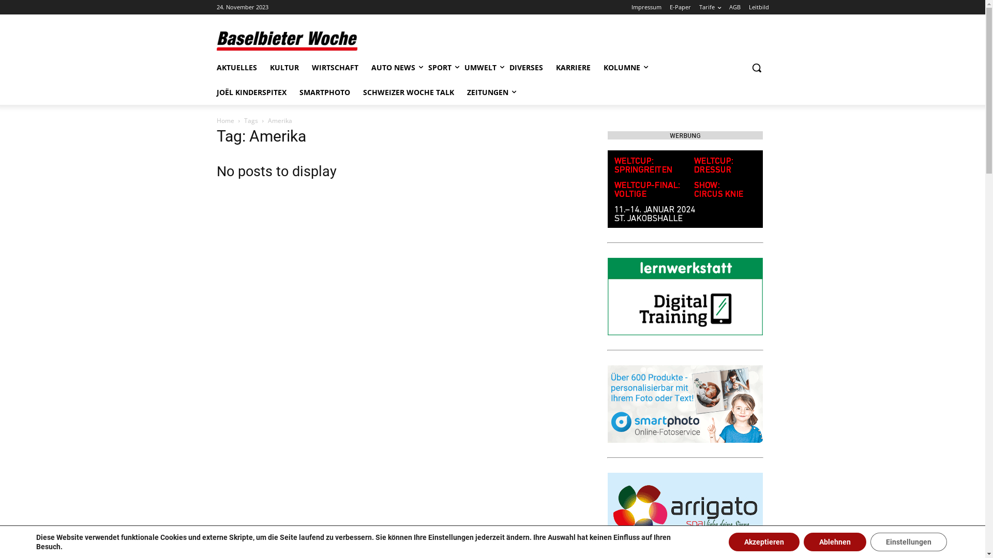  Describe the element at coordinates (759, 7) in the screenshot. I see `'Leitbild'` at that location.